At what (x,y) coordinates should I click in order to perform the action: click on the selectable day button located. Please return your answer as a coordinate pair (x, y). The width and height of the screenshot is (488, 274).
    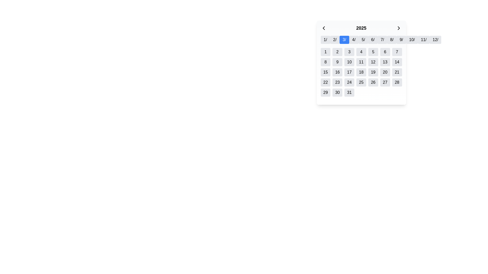
    Looking at the image, I should click on (325, 82).